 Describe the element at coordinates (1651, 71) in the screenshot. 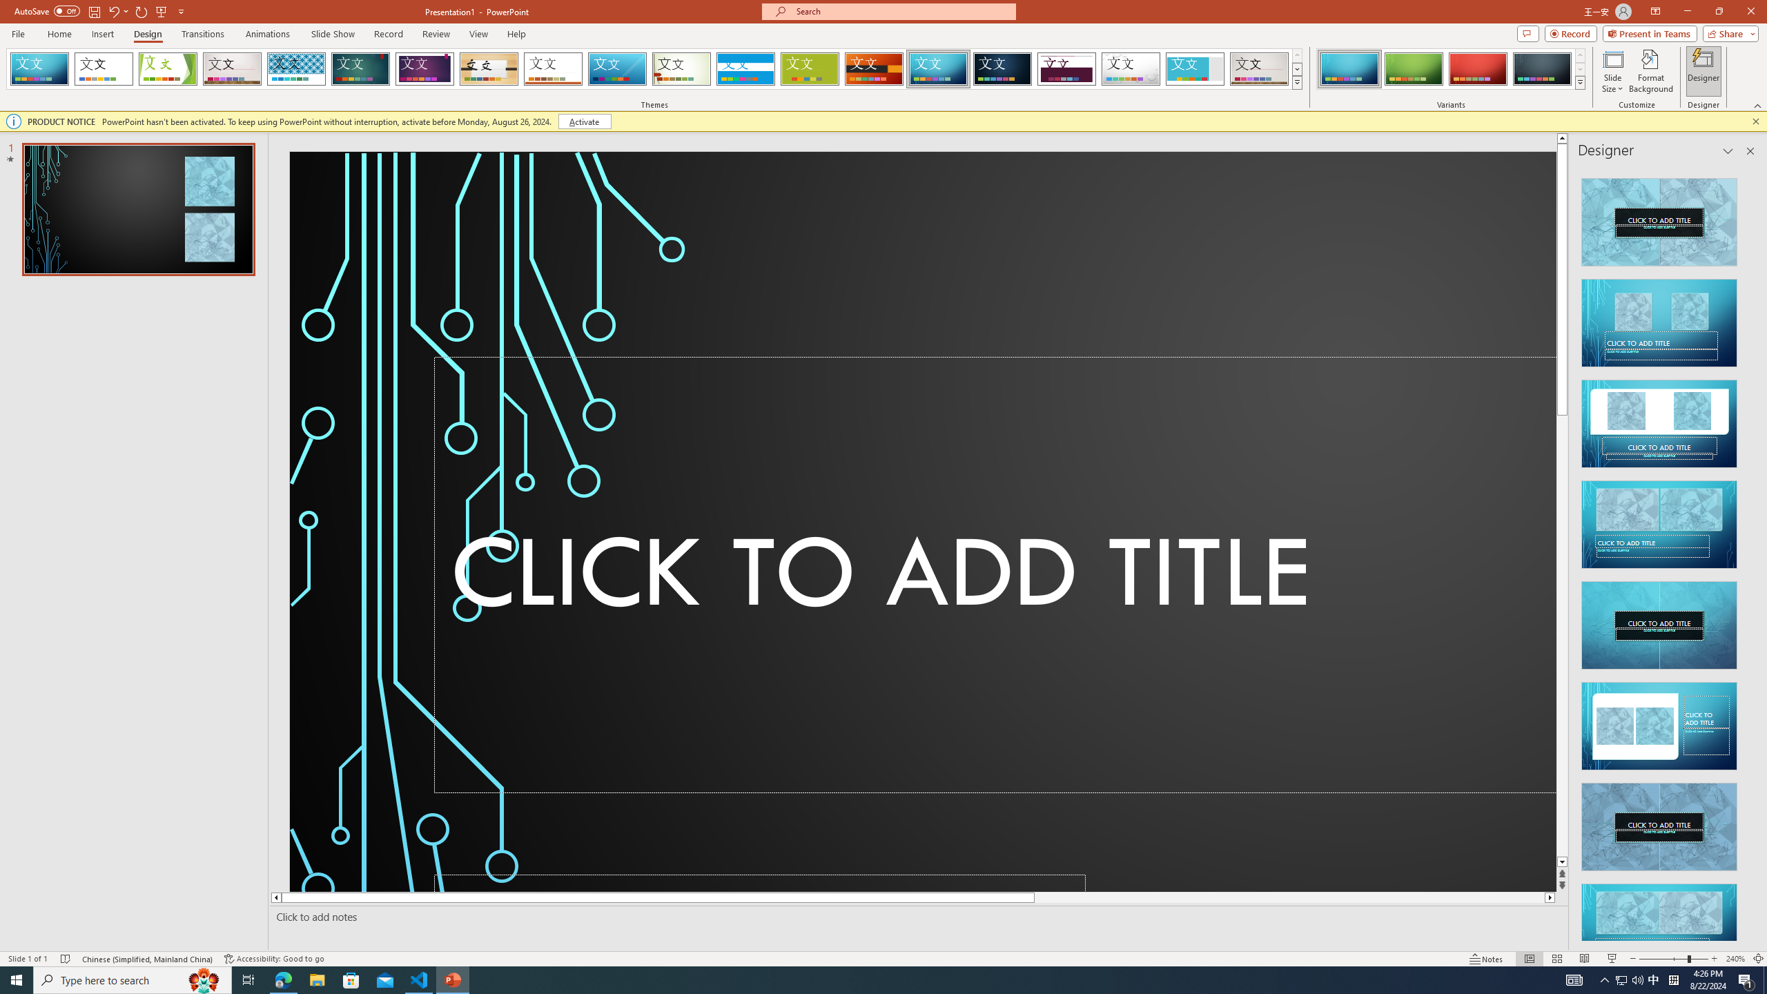

I see `'Format Background'` at that location.